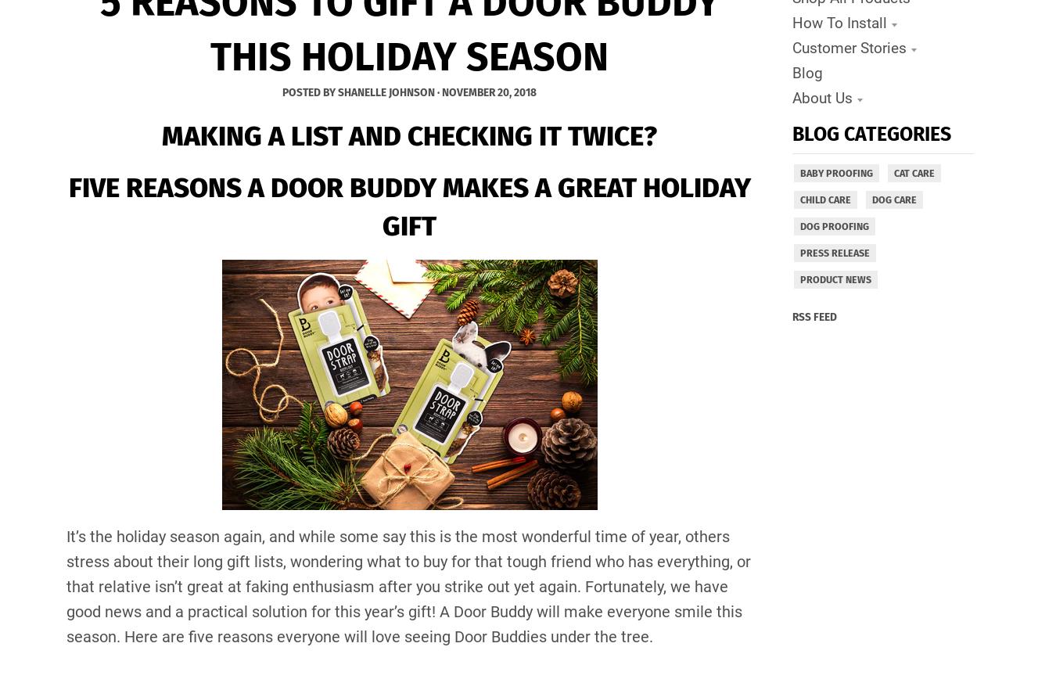  Describe the element at coordinates (848, 47) in the screenshot. I see `'Customer Stories'` at that location.